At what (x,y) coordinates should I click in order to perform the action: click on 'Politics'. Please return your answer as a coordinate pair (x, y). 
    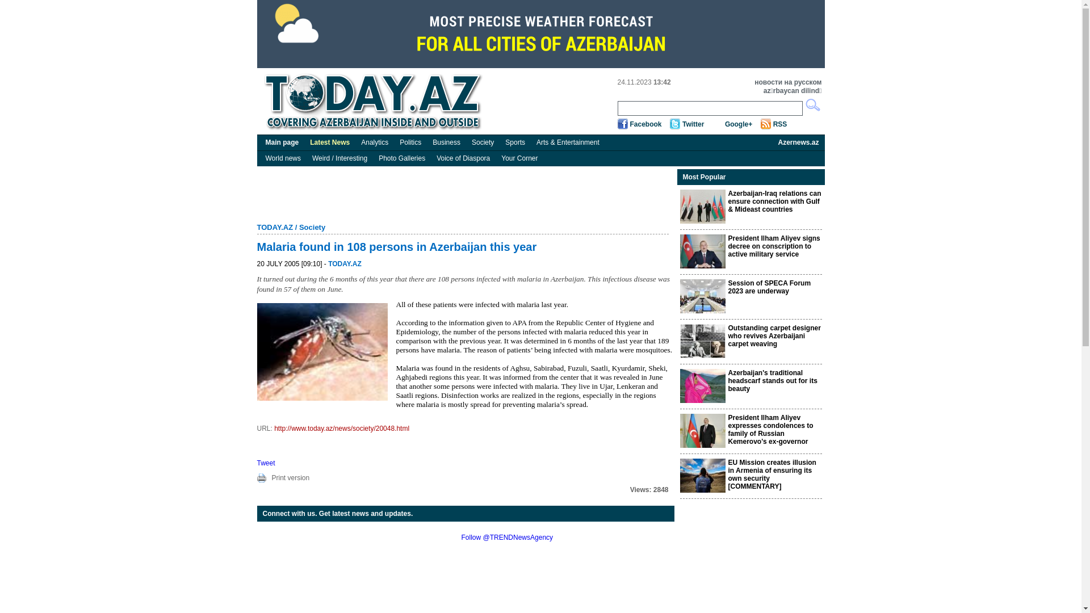
    Looking at the image, I should click on (394, 141).